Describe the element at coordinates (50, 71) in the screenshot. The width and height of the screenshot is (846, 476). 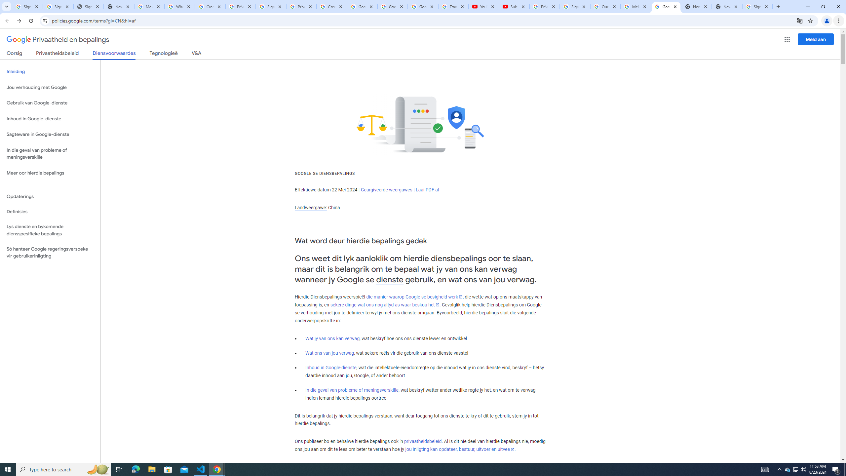
I see `'Inleiding'` at that location.